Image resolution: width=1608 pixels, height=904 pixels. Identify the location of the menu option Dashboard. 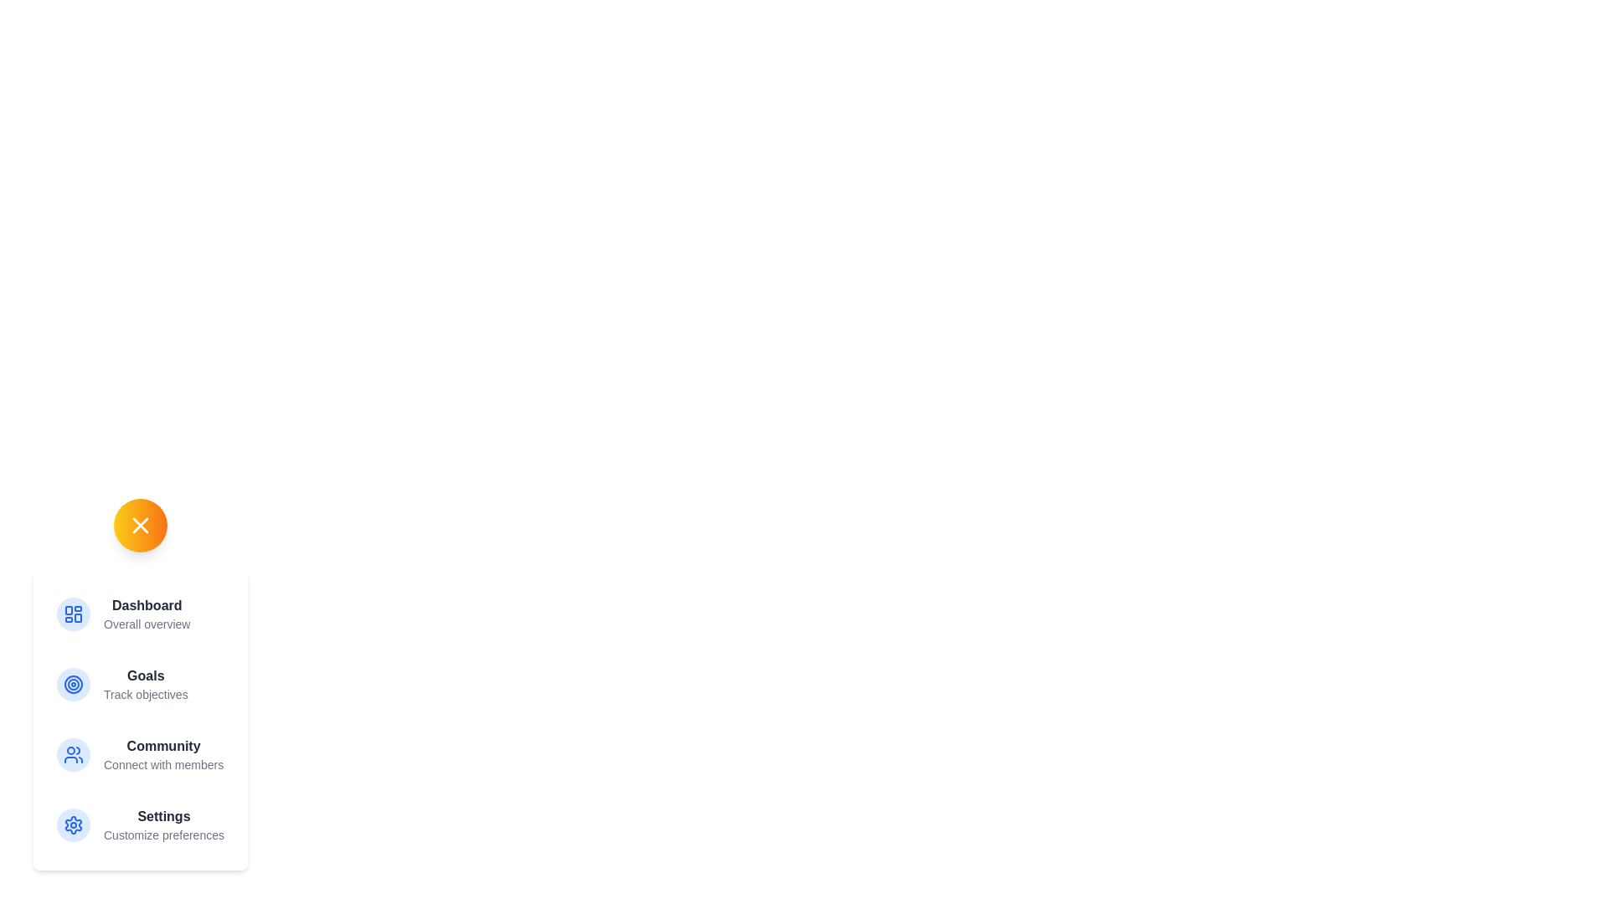
(140, 614).